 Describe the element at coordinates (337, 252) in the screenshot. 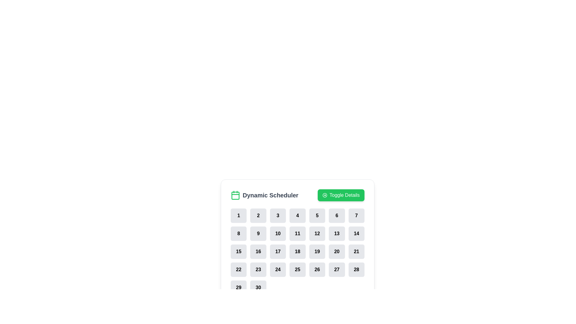

I see `the rectangular button with rounded corners and black text '20'` at that location.